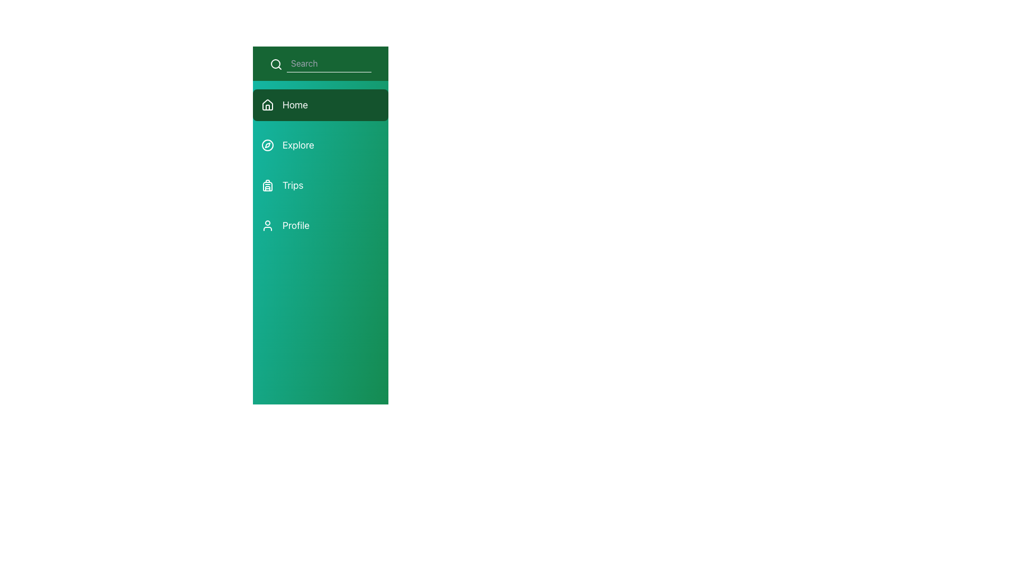 Image resolution: width=1016 pixels, height=571 pixels. What do you see at coordinates (267, 145) in the screenshot?
I see `the 'Explore' menu icon` at bounding box center [267, 145].